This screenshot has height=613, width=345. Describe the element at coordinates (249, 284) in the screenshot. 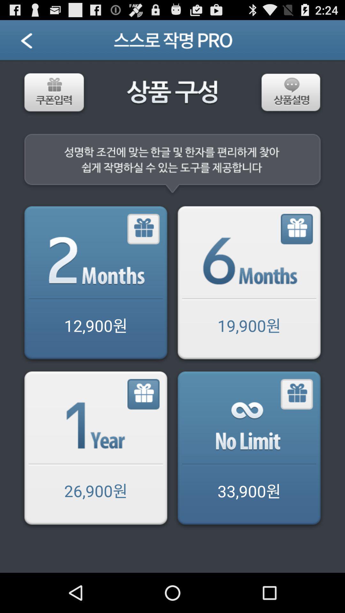

I see `go back` at that location.